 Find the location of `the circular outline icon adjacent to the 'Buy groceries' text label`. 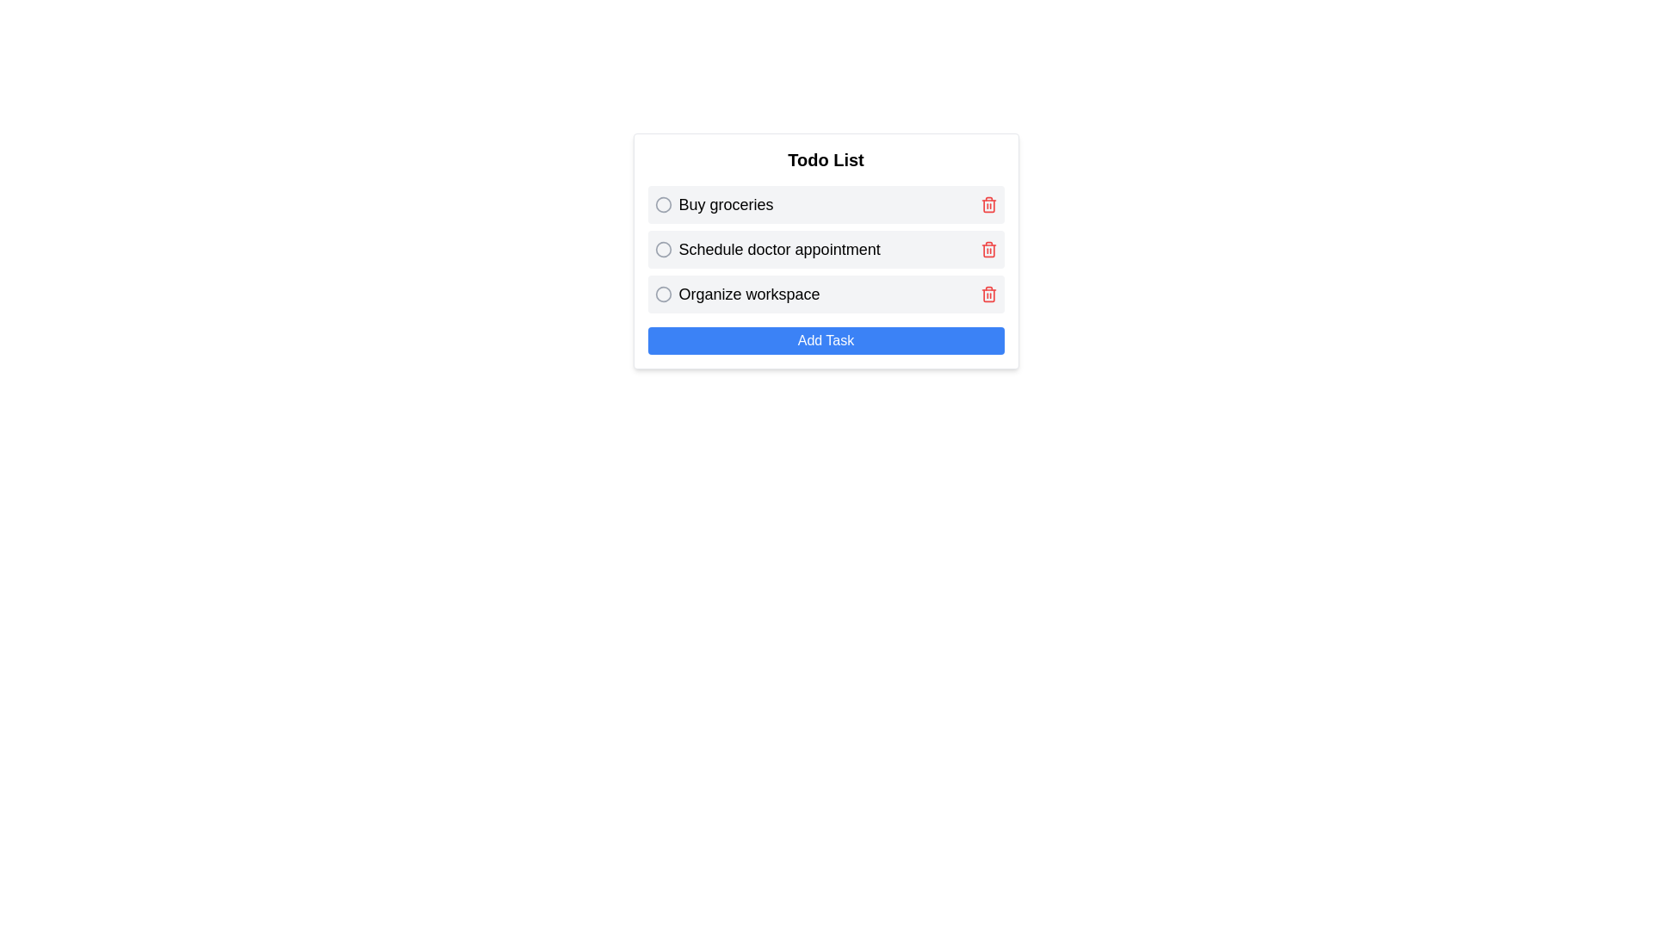

the circular outline icon adjacent to the 'Buy groceries' text label is located at coordinates (662, 204).